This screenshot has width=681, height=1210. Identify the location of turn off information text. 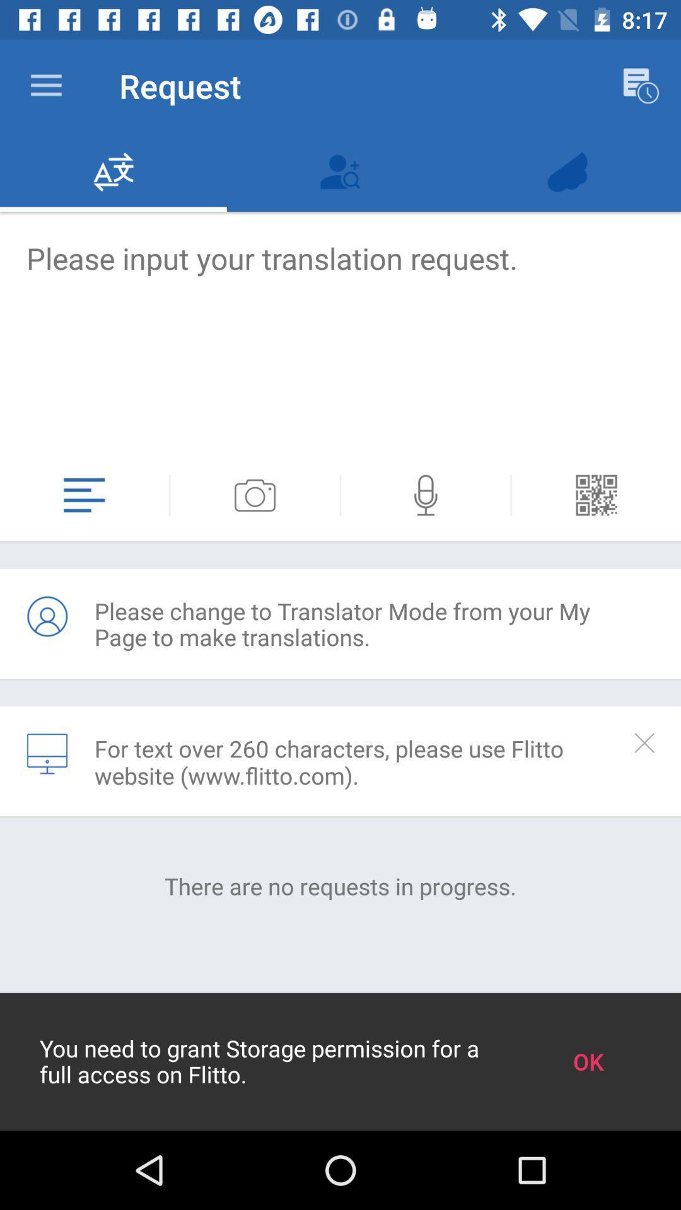
(644, 743).